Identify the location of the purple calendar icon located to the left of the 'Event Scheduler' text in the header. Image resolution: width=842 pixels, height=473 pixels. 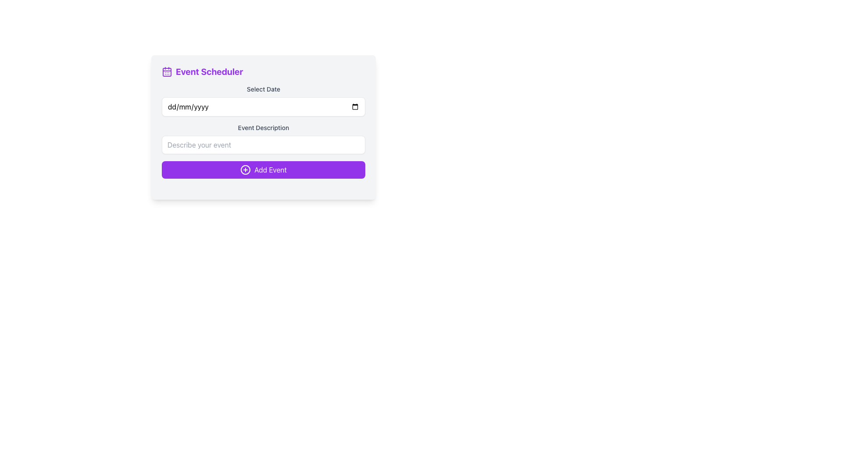
(167, 71).